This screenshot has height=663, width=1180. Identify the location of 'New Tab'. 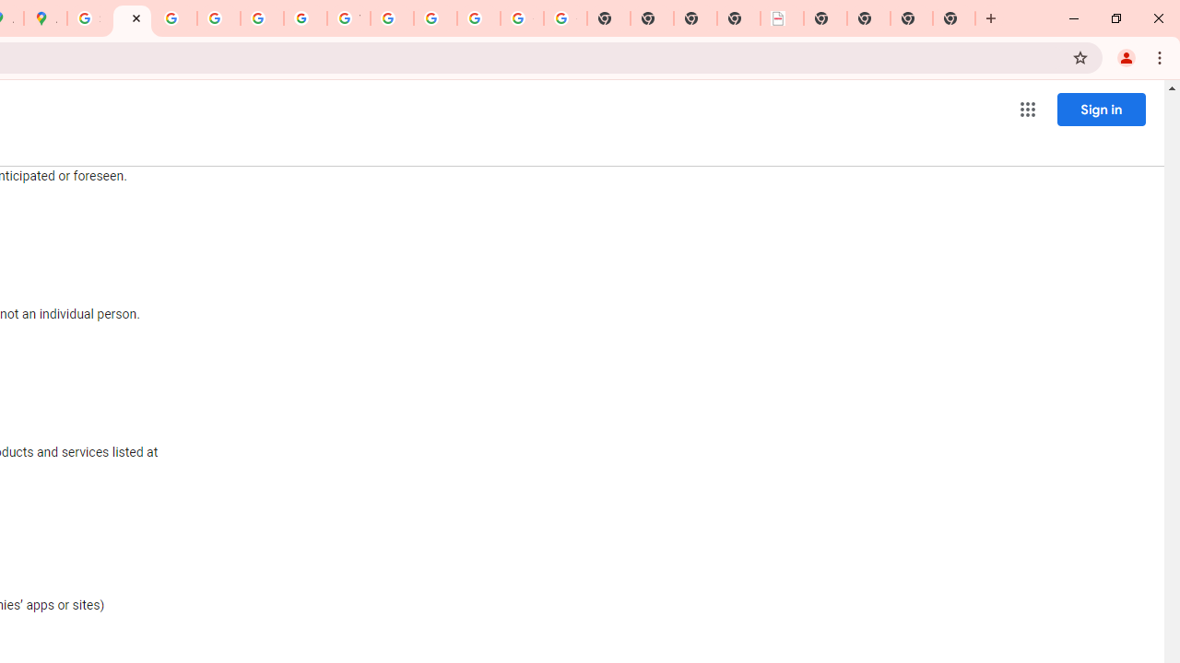
(912, 18).